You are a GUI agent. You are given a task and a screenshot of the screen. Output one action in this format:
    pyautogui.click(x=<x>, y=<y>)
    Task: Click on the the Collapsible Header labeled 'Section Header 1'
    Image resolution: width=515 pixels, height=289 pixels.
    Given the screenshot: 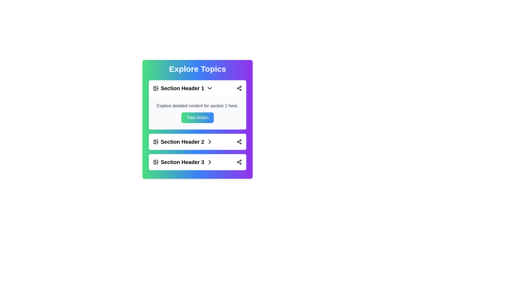 What is the action you would take?
    pyautogui.click(x=197, y=88)
    